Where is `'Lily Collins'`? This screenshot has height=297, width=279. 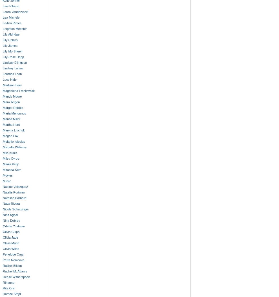
'Lily Collins' is located at coordinates (10, 40).